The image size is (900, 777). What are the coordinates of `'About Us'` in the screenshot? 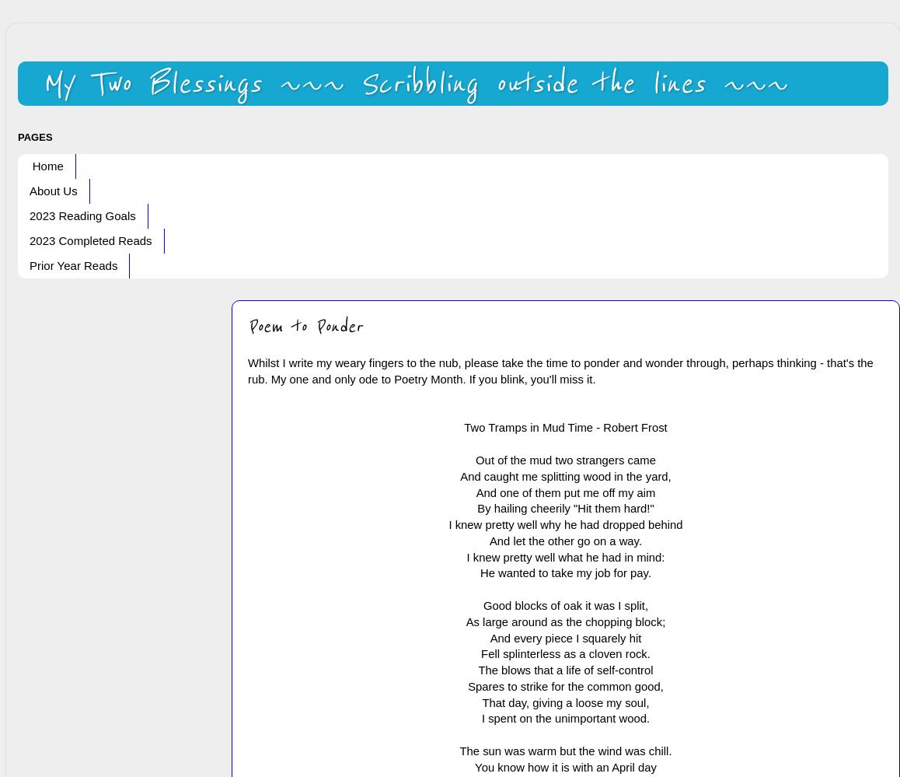 It's located at (53, 191).